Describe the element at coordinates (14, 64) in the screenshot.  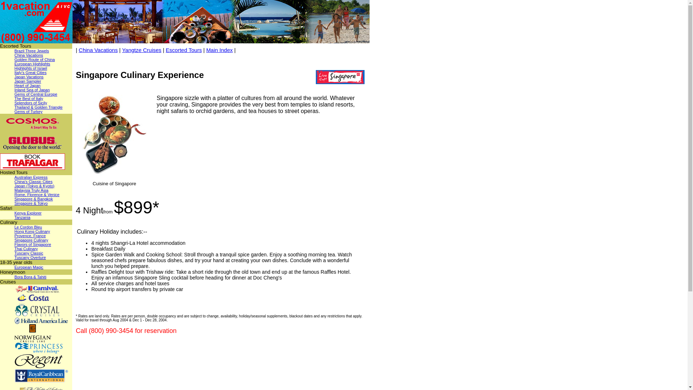
I see `'European Highlights'` at that location.